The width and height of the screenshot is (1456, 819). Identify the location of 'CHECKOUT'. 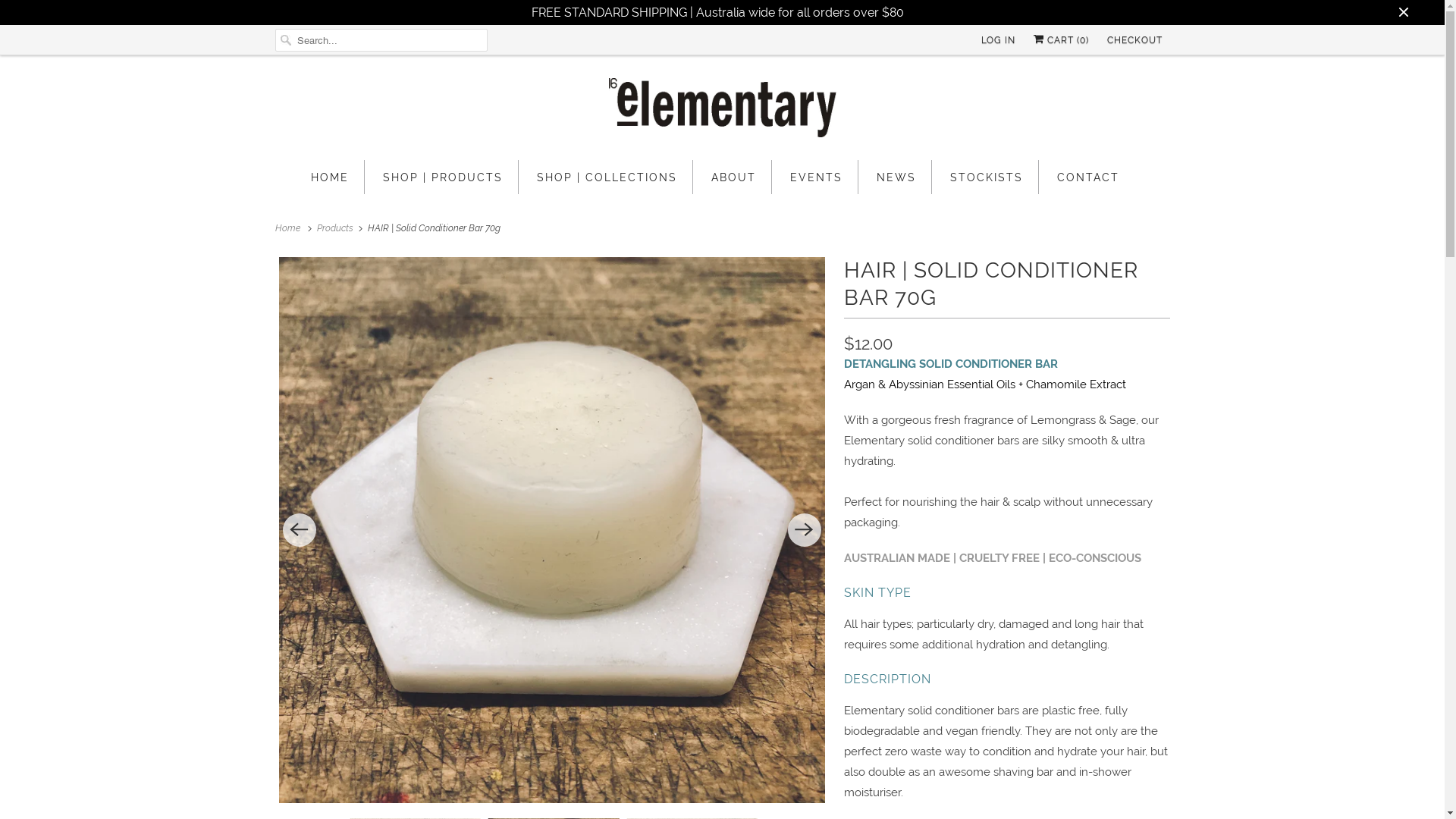
(1134, 39).